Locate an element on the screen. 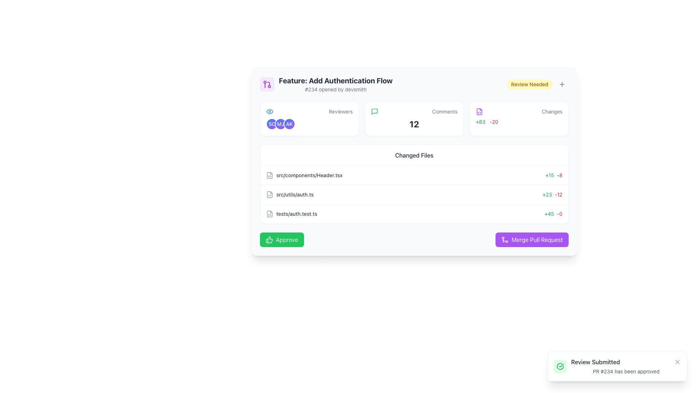  the Informational panel that indicates the number of comments, located in the second column of the three-column grid layout, between the 'Reviewers' and 'Changes' panels is located at coordinates (414, 119).